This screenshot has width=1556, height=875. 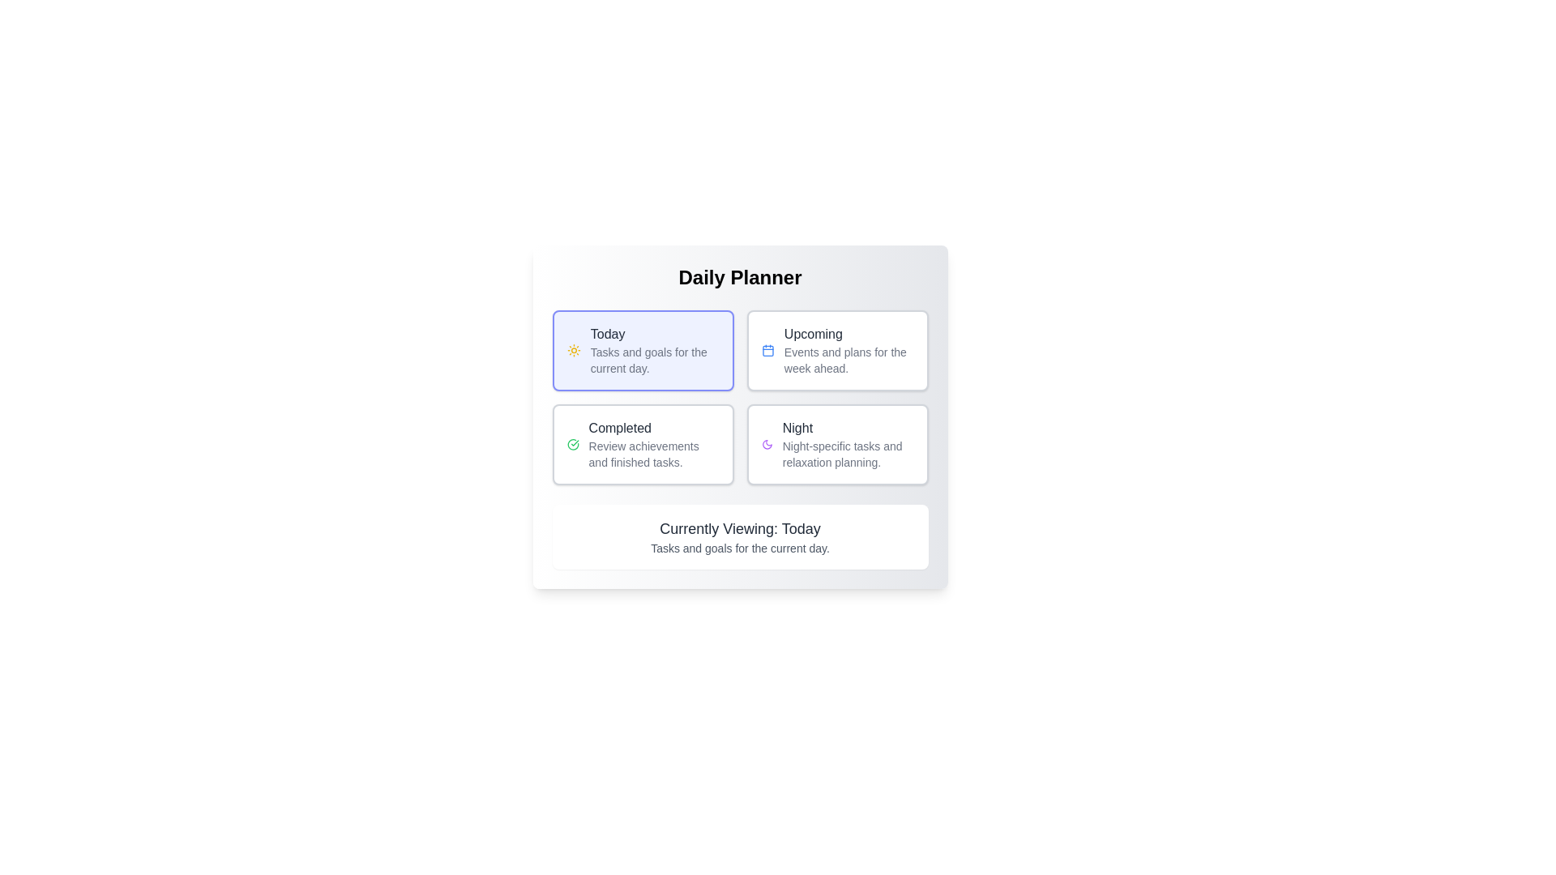 I want to click on the sun icon representing the 'Today' card, located in the top-left quadrant of the grid layout, so click(x=574, y=349).